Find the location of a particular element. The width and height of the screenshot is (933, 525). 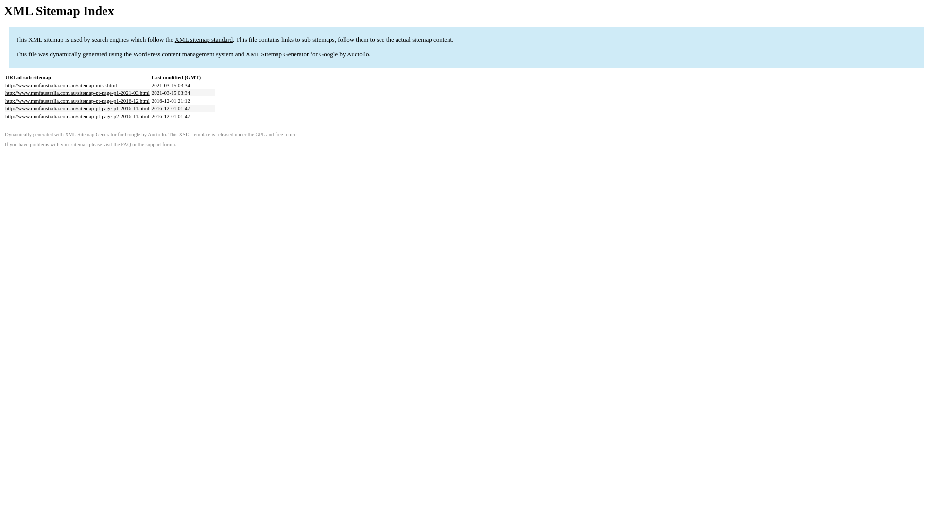

'Auctollo' is located at coordinates (358, 54).